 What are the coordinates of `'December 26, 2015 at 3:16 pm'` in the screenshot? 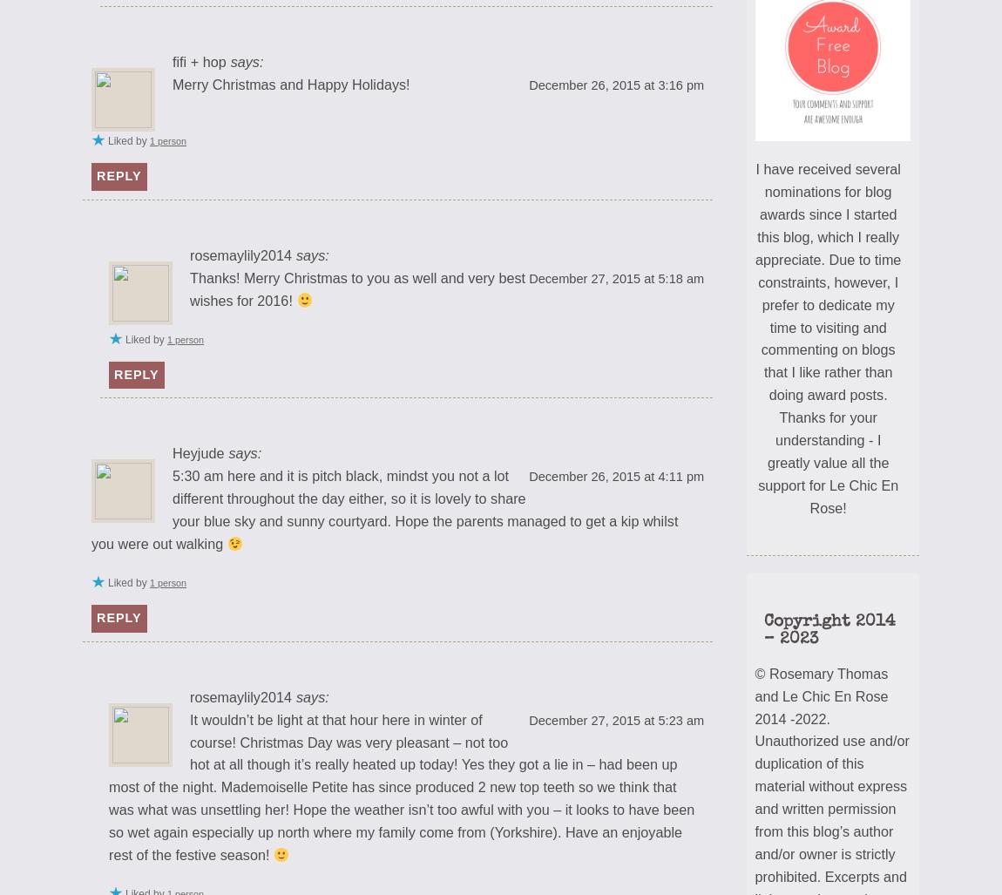 It's located at (615, 84).